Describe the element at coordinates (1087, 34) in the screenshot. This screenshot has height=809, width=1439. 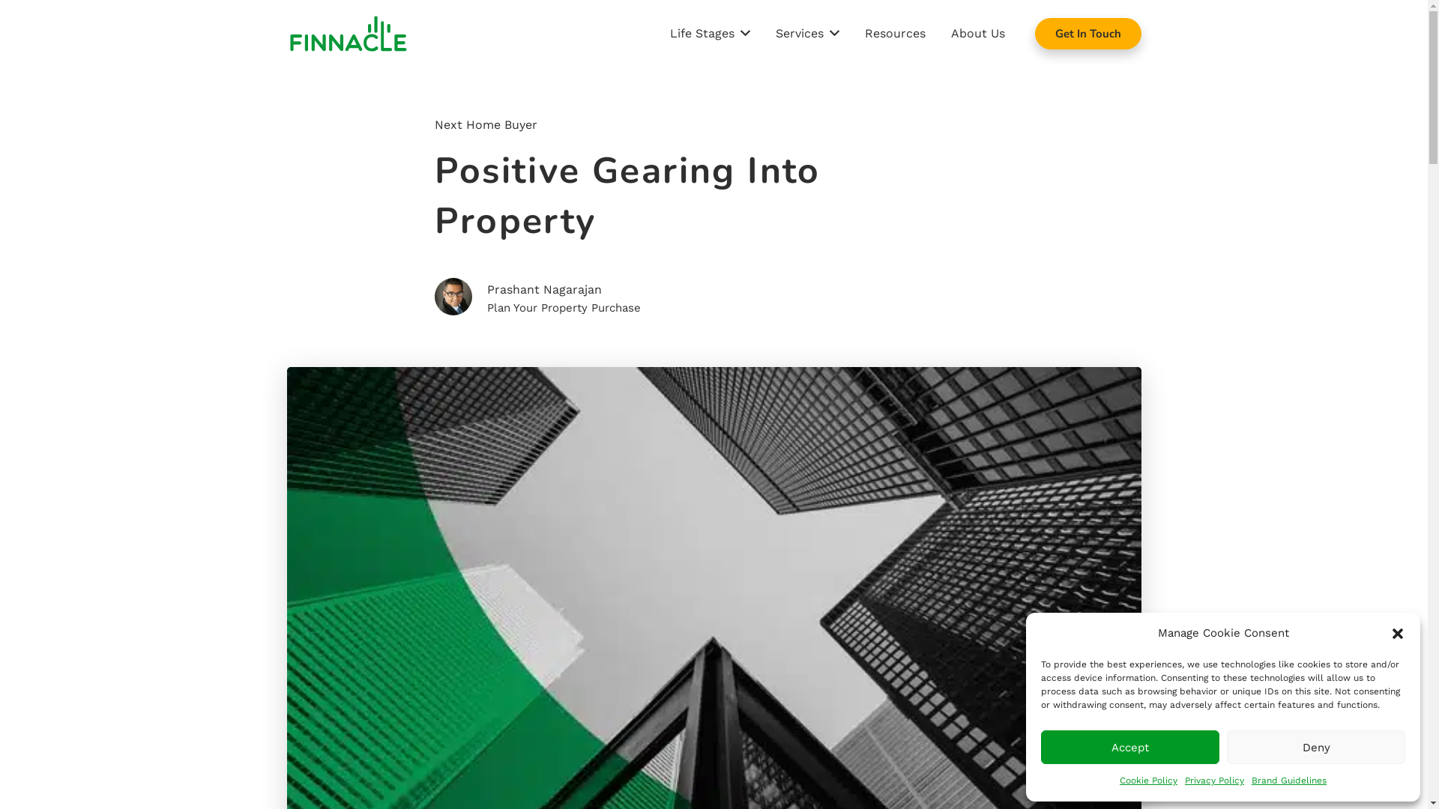
I see `'Get In Touch'` at that location.